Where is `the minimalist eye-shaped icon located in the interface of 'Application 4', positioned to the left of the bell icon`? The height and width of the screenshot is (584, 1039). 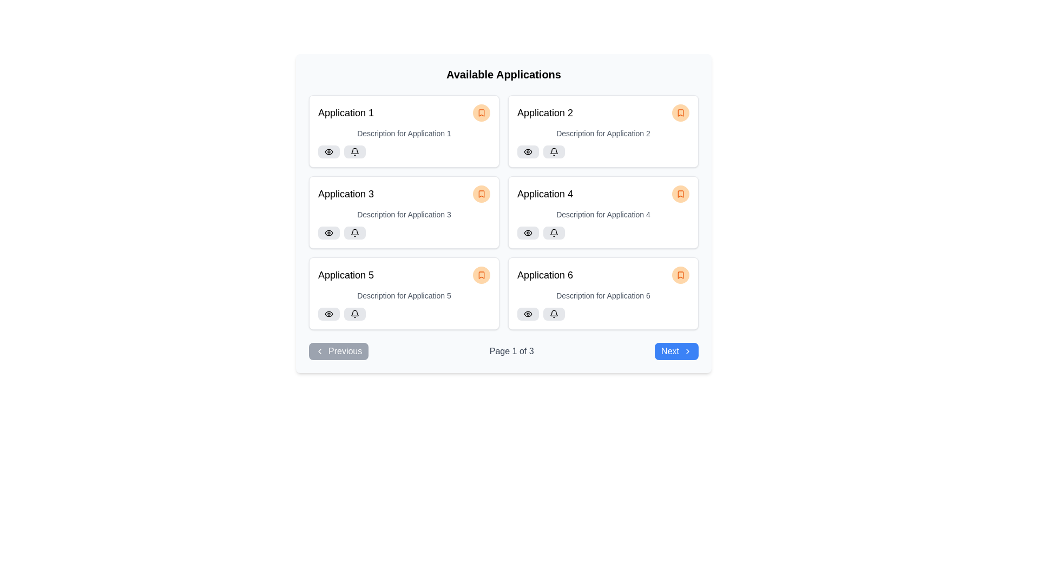 the minimalist eye-shaped icon located in the interface of 'Application 4', positioned to the left of the bell icon is located at coordinates (528, 233).